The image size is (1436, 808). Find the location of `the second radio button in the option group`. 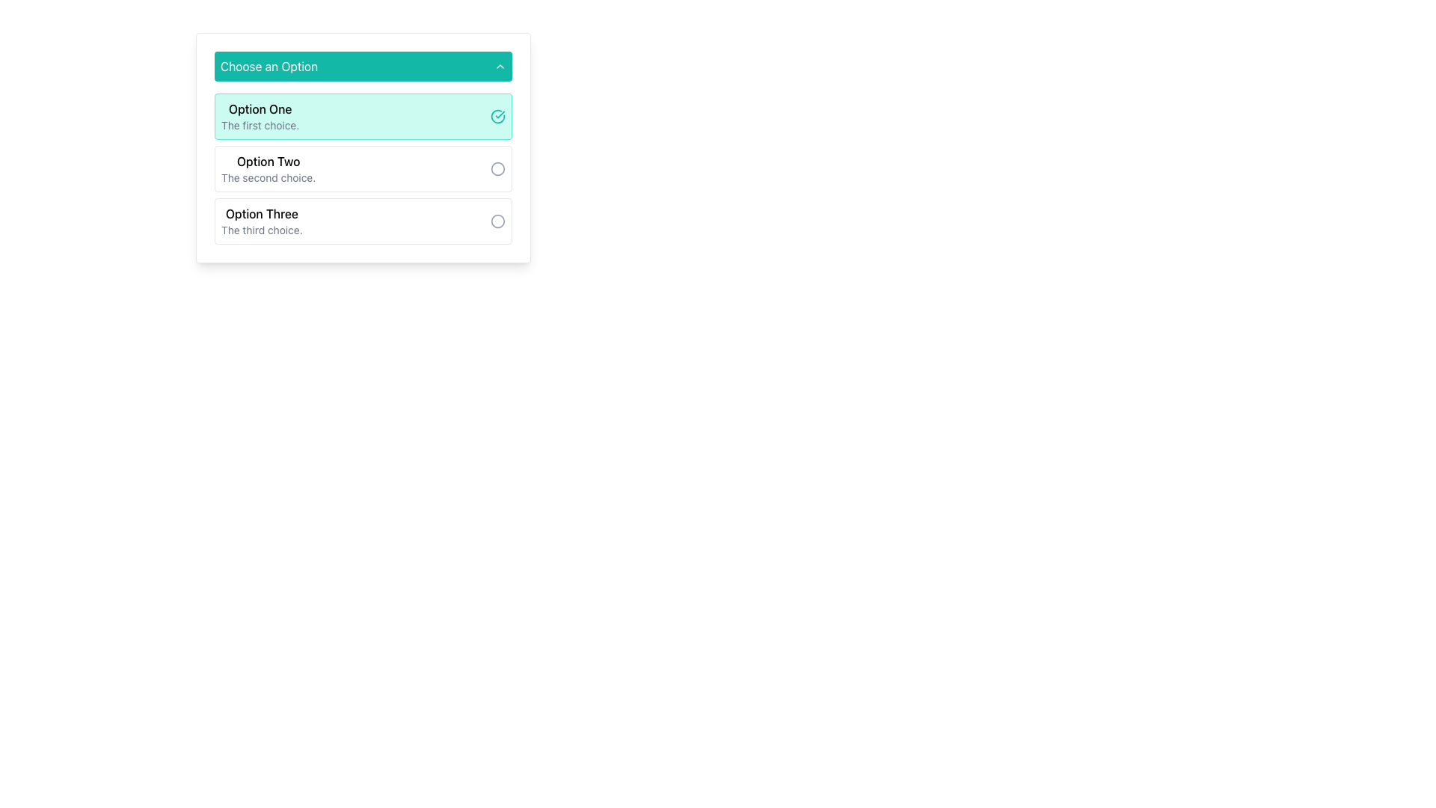

the second radio button in the option group is located at coordinates (363, 168).